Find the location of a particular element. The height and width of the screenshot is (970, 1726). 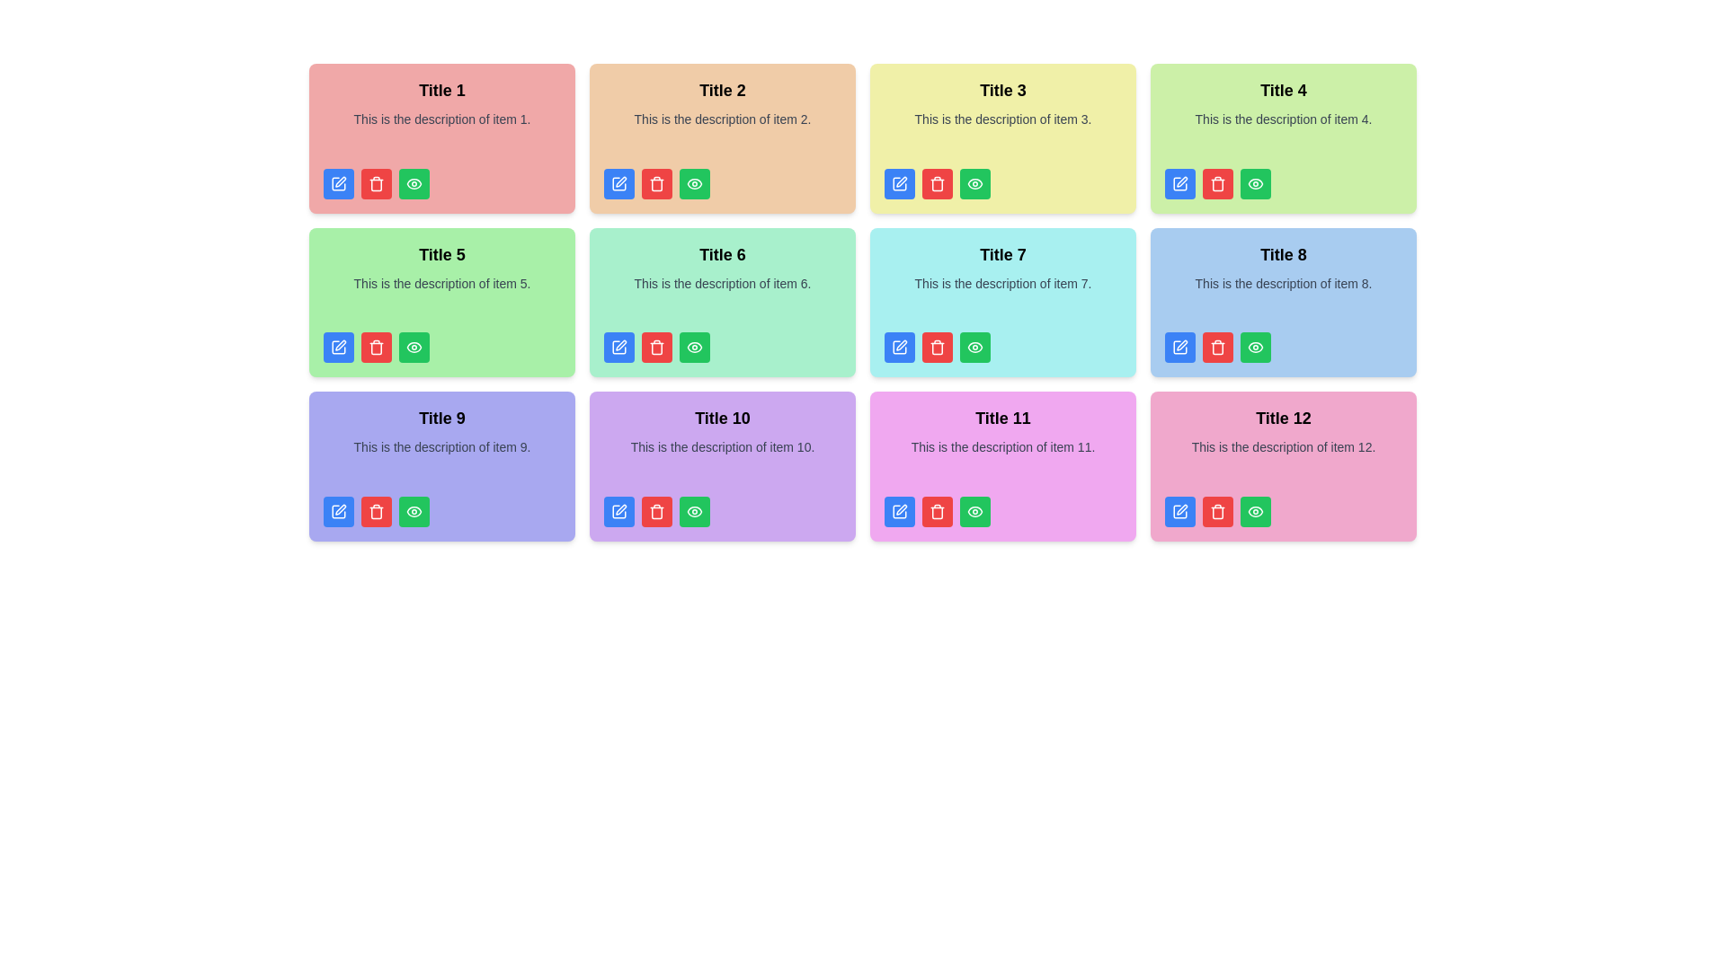

the pen icon located as the first button is located at coordinates (621, 509).